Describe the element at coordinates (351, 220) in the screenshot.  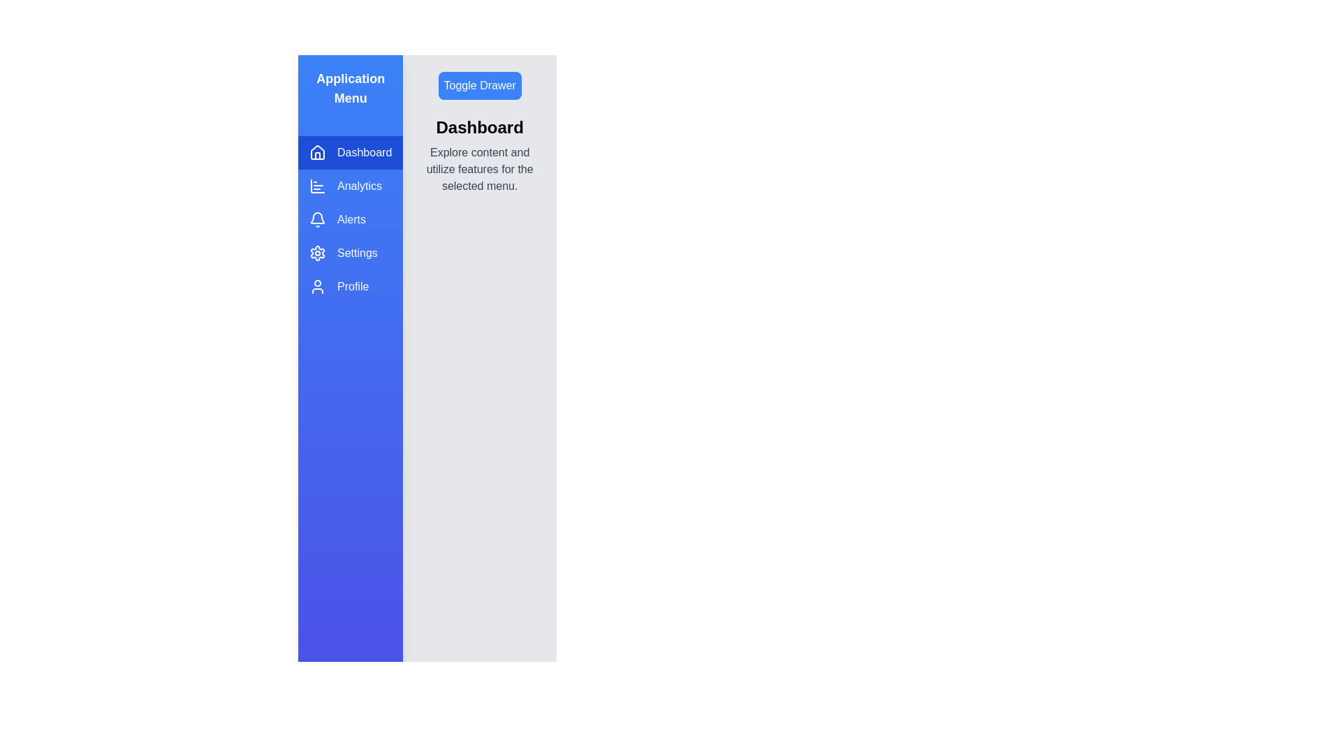
I see `the menu item Alerts to observe its hover effect` at that location.